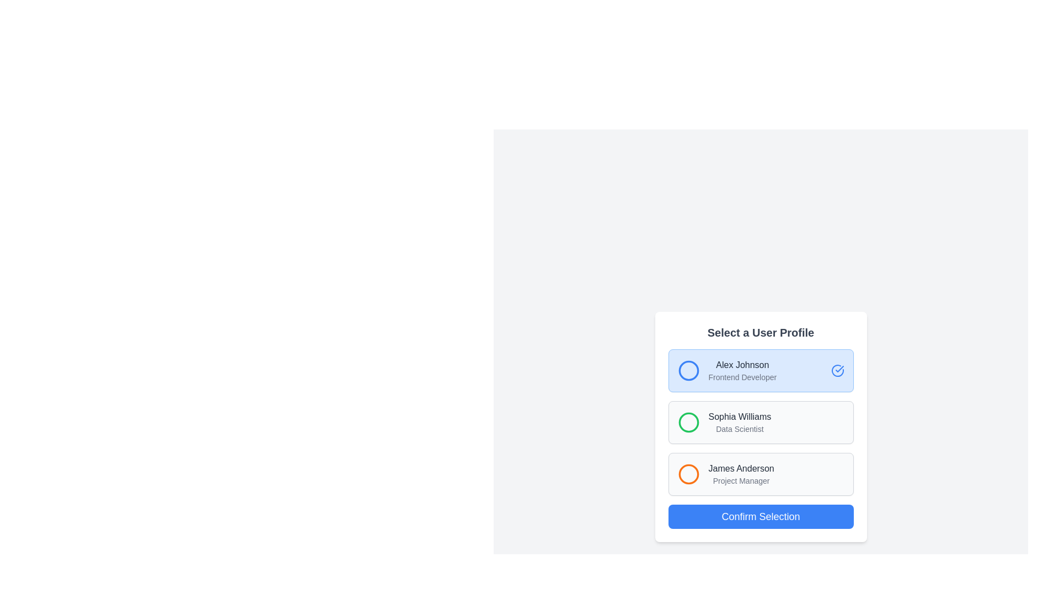 The height and width of the screenshot is (595, 1059). I want to click on the static header text label at the top of the user profile selection card, which indicates the purpose of the card, so click(760, 332).